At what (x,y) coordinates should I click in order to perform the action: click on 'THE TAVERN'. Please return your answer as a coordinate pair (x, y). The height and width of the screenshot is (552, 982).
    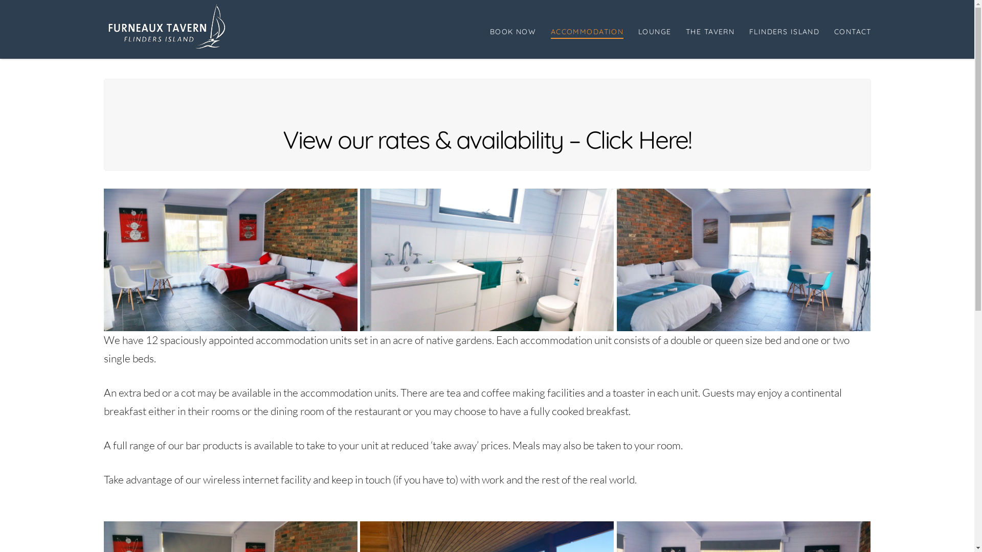
    Looking at the image, I should click on (709, 29).